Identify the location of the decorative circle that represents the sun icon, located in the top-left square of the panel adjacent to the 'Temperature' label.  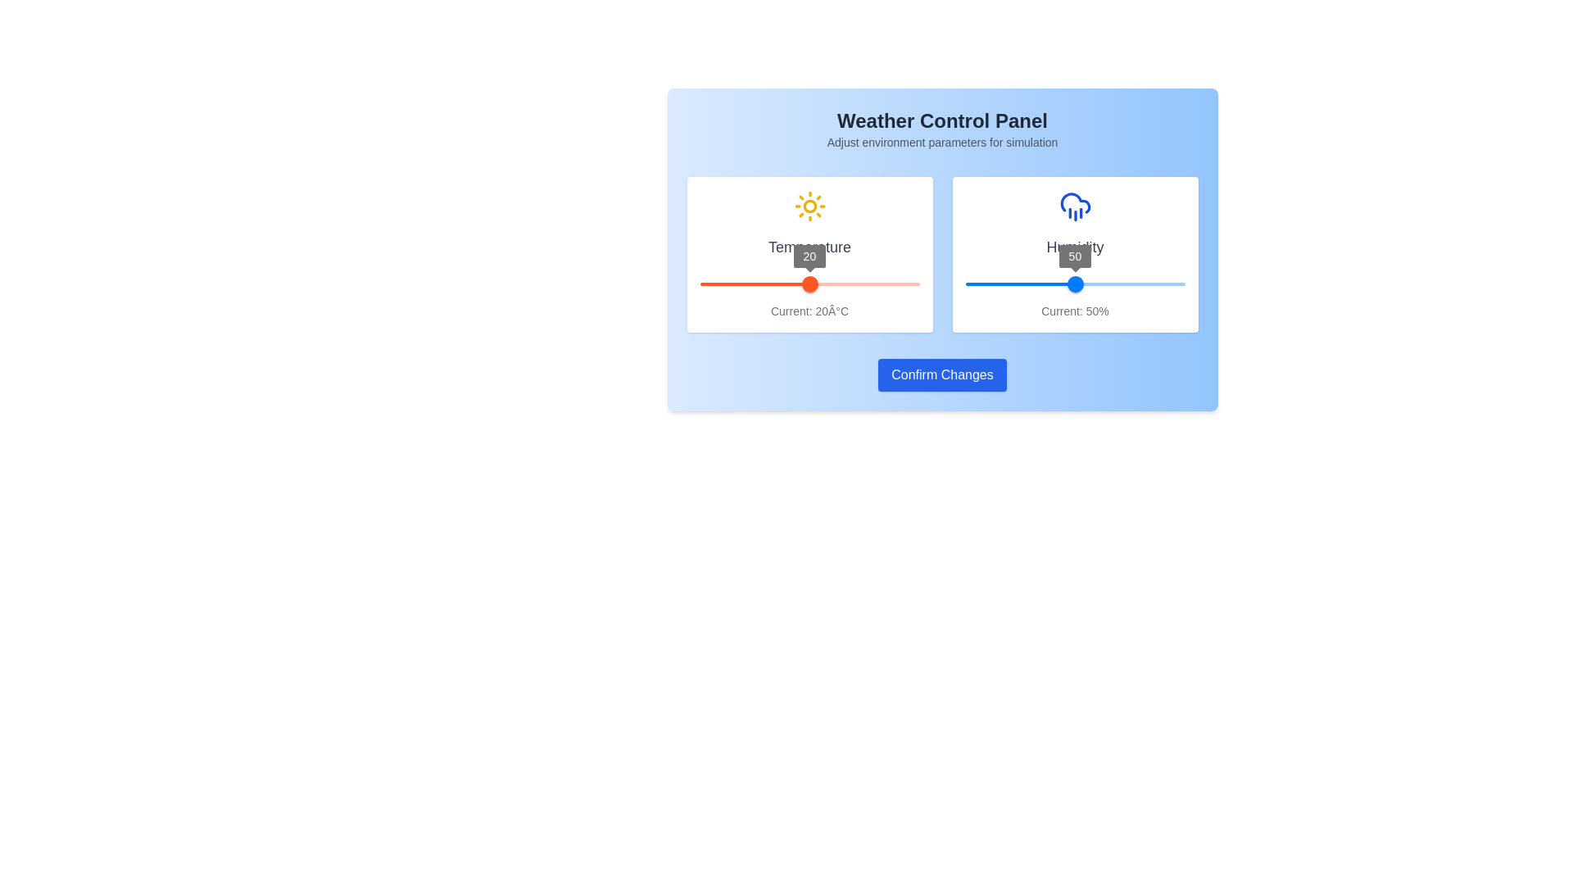
(809, 205).